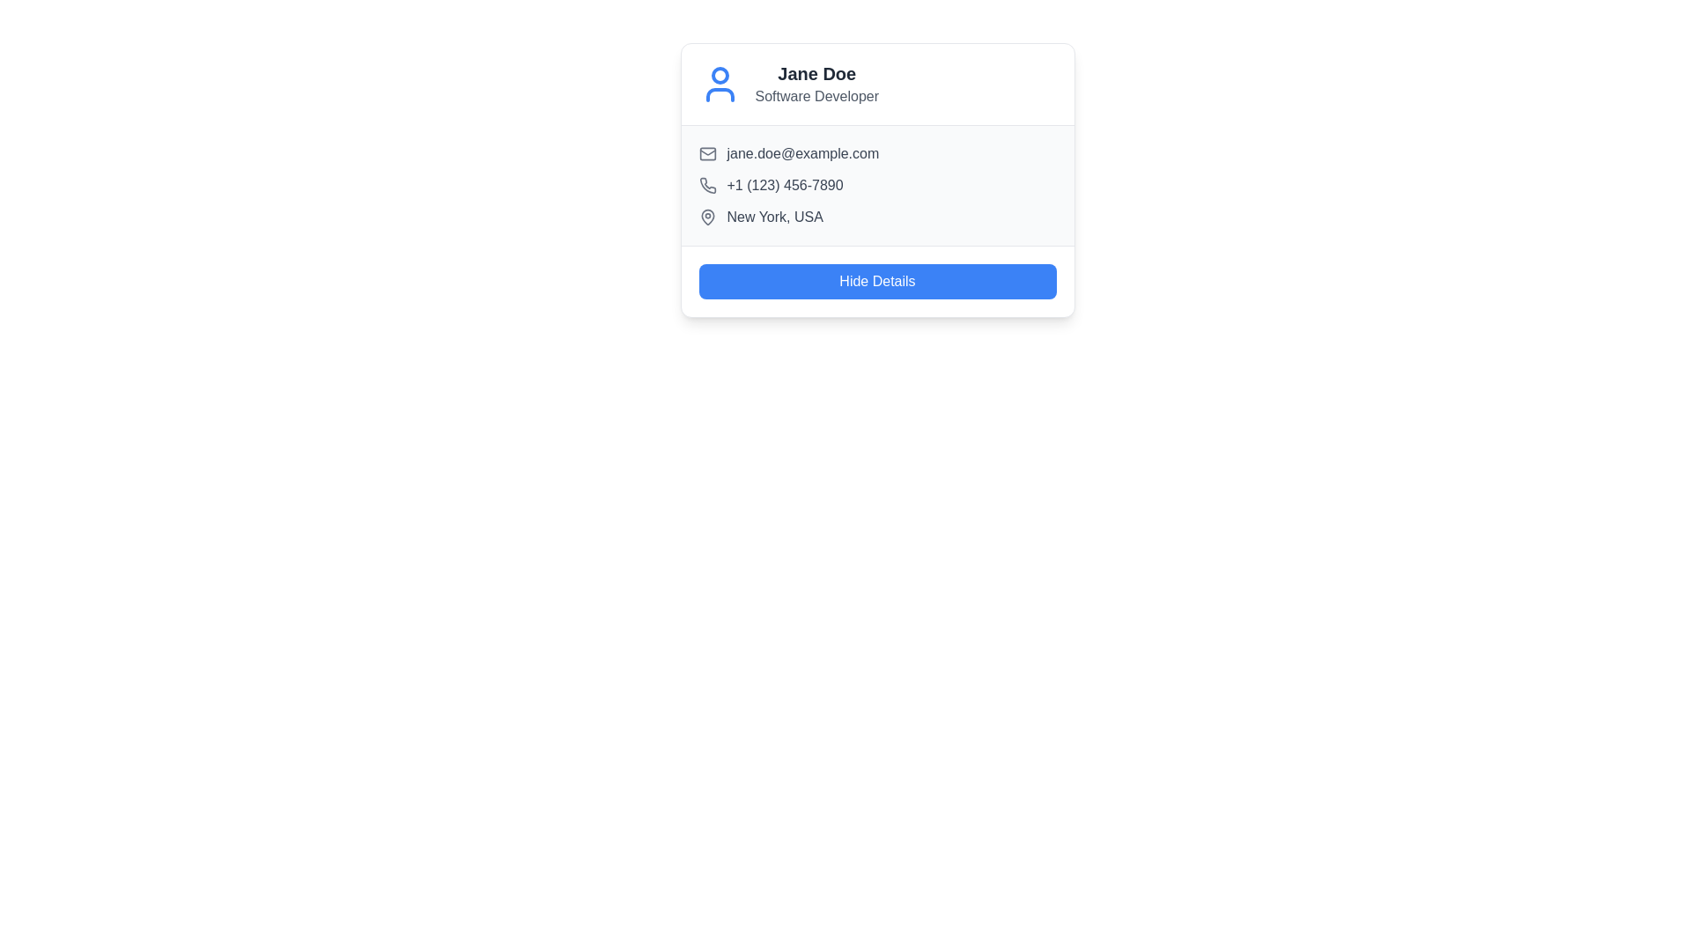  I want to click on the SVG rectangle shape that represents the top part of the envelope icon in the contact information section, located left of the email text 'jane.doe@example.com', so click(707, 152).